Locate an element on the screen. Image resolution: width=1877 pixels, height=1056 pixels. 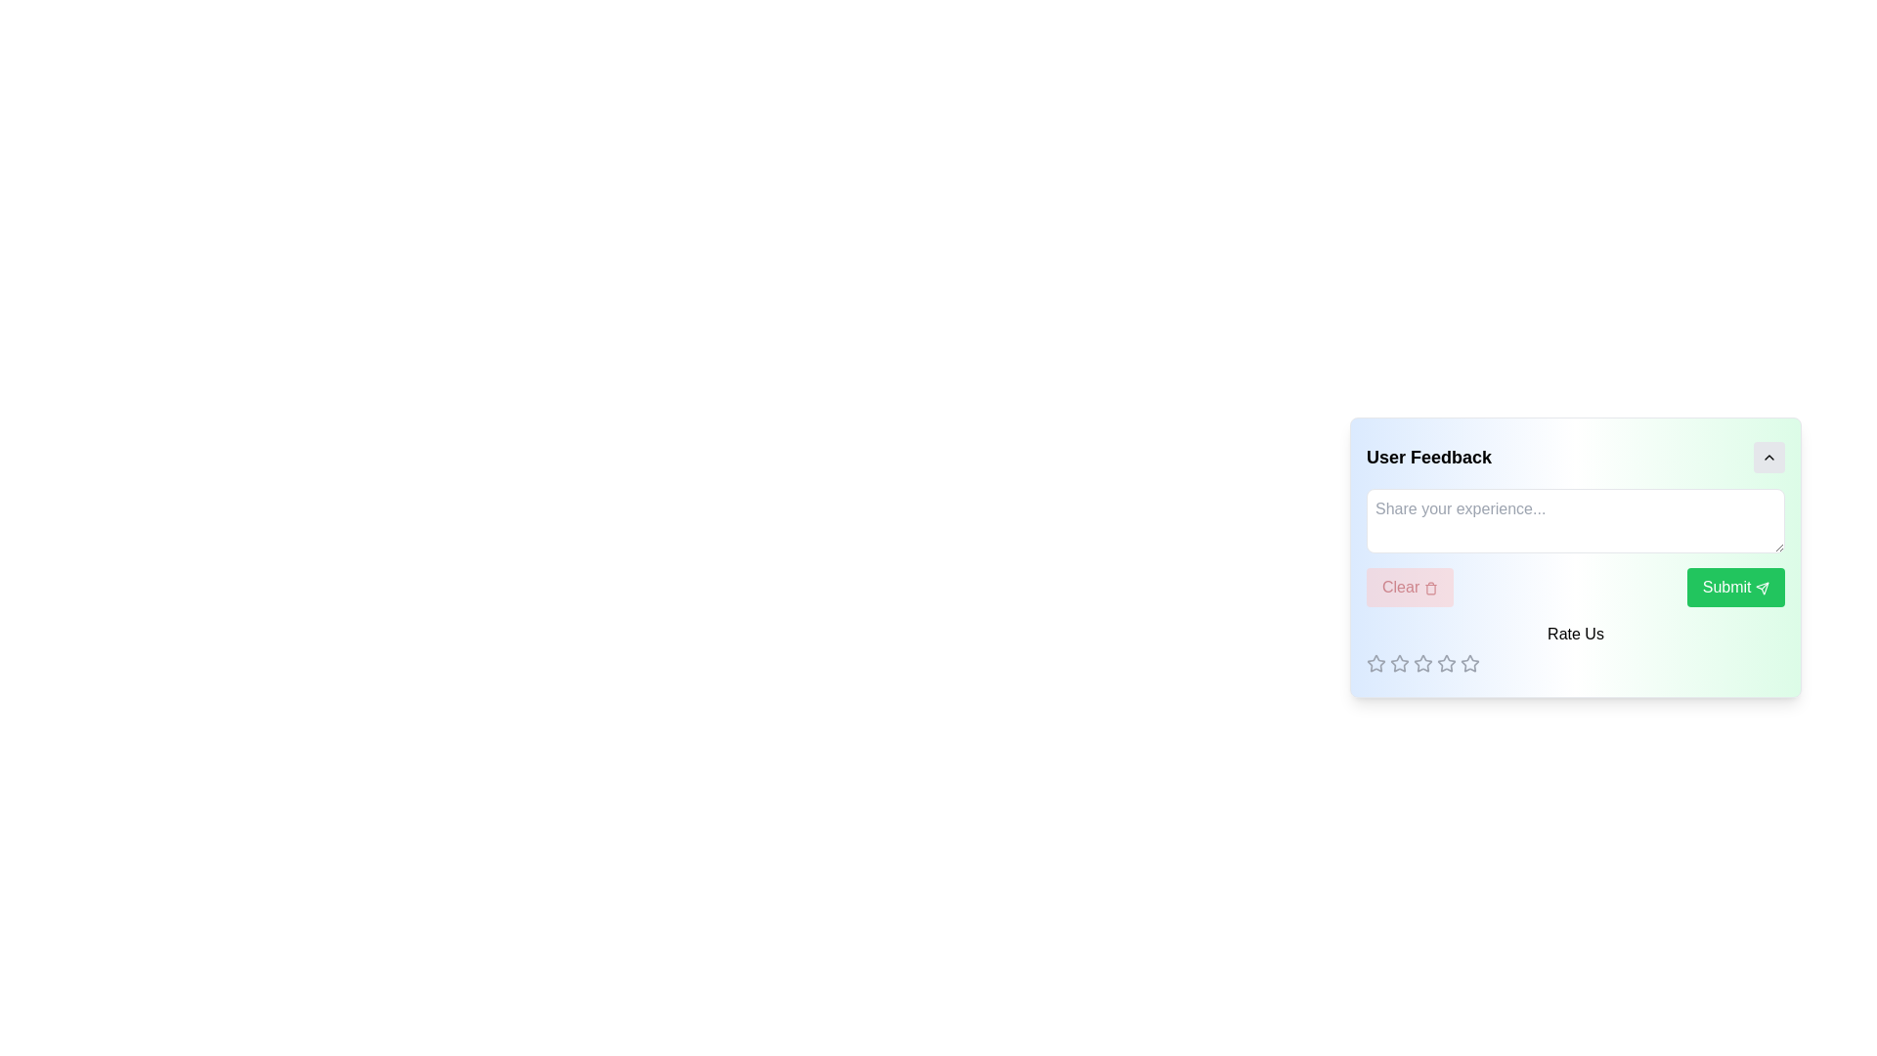
the fourth star icon in the rating interface to set the rating is located at coordinates (1469, 662).